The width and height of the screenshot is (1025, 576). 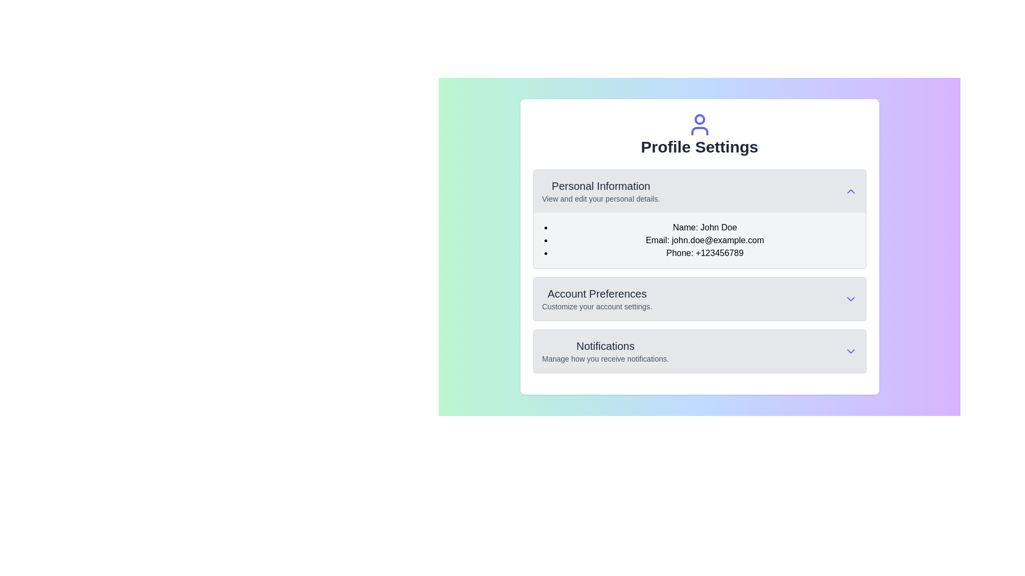 What do you see at coordinates (699, 241) in the screenshot?
I see `the personal contact information list located in the 'Personal Information' section of the 'Profile Settings' page` at bounding box center [699, 241].